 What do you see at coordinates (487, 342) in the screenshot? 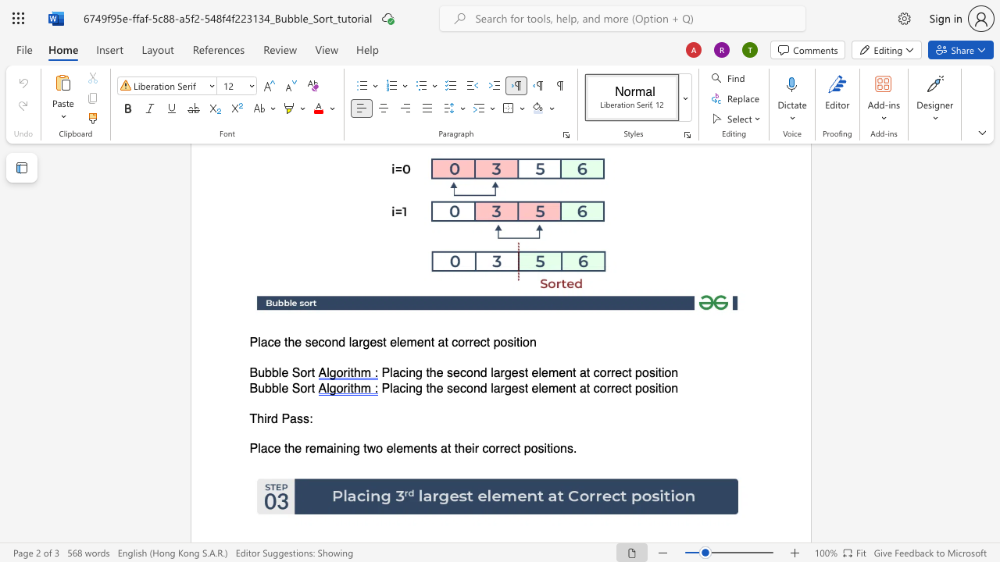
I see `the 5th character "t" in the text` at bounding box center [487, 342].